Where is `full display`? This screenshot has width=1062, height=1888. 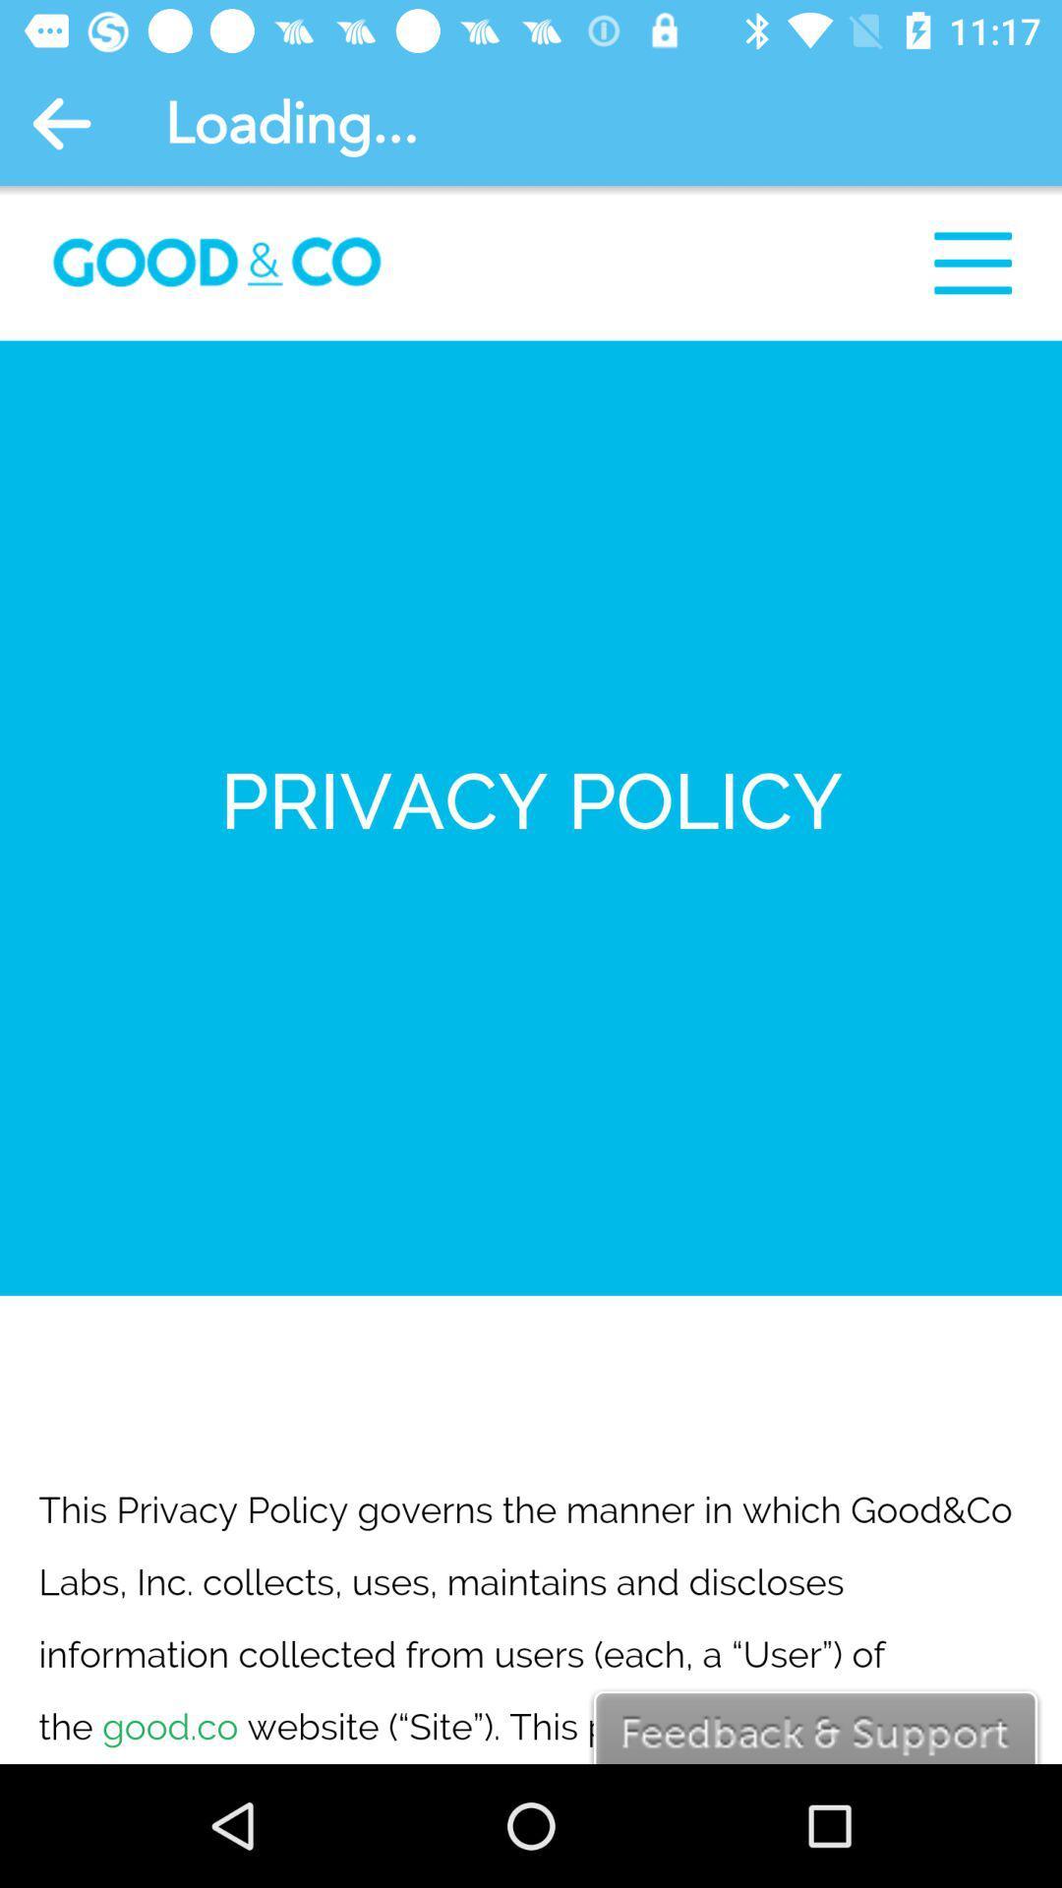 full display is located at coordinates (531, 974).